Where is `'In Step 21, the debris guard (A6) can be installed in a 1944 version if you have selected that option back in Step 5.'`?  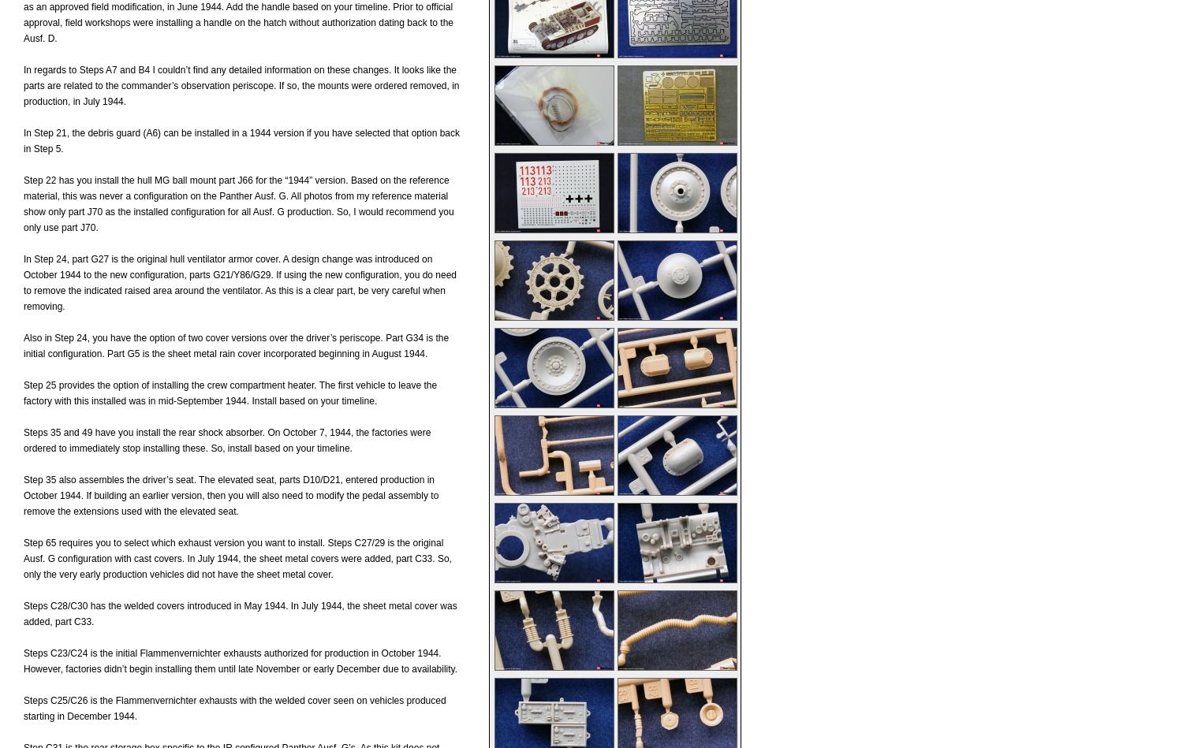
'In Step 21, the debris guard (A6) can be installed in a 1944 version if you have selected that option back in Step 5.' is located at coordinates (24, 140).